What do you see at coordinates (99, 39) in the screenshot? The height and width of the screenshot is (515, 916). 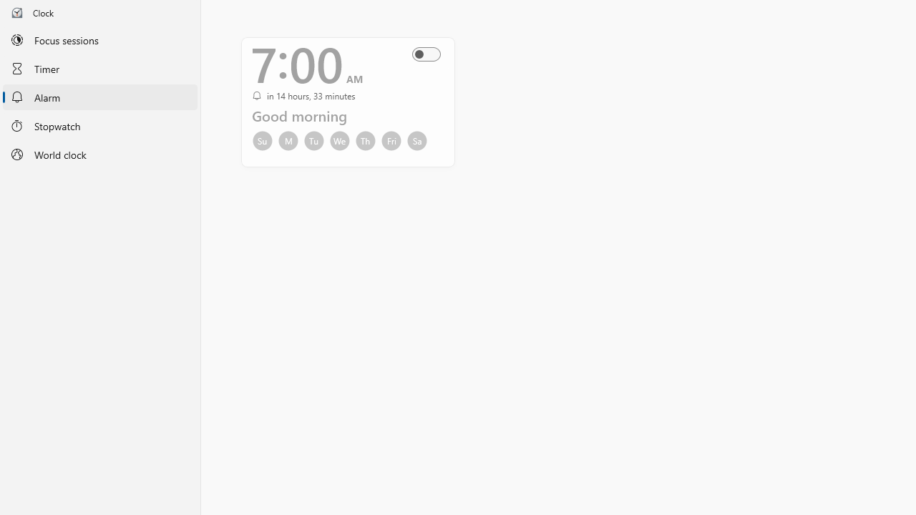 I see `'Focus sessions'` at bounding box center [99, 39].